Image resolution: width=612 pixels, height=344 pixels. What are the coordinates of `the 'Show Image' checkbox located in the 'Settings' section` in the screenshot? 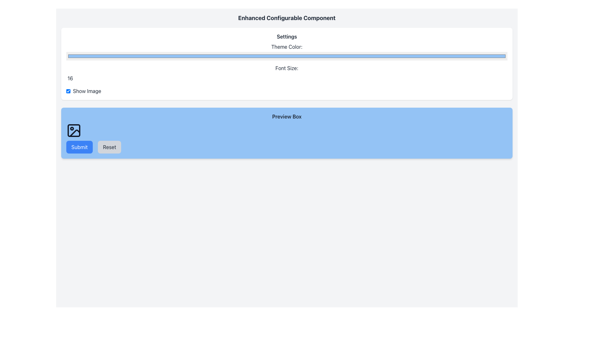 It's located at (68, 91).